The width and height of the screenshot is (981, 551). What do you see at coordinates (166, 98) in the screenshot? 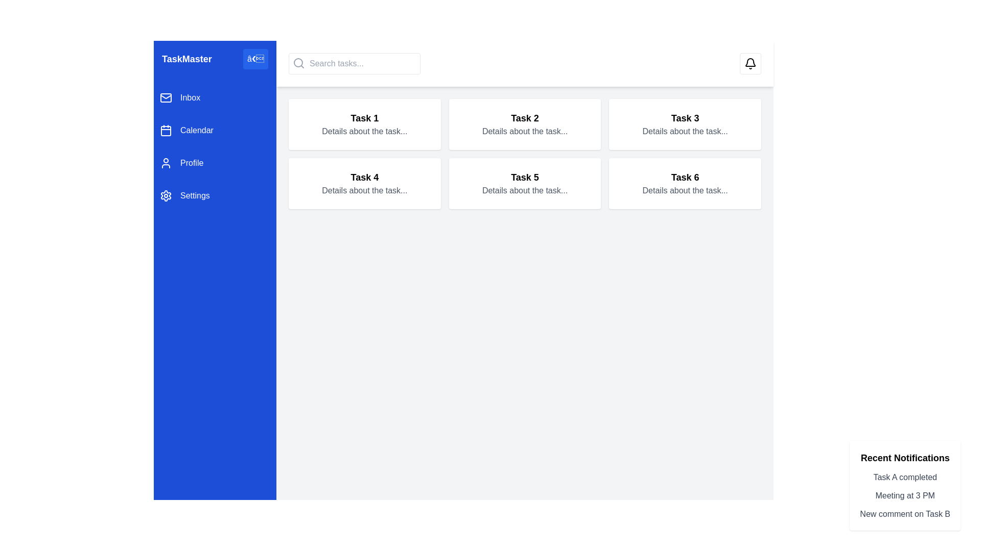
I see `the Inbox icon in the left-hand vertical menu` at bounding box center [166, 98].